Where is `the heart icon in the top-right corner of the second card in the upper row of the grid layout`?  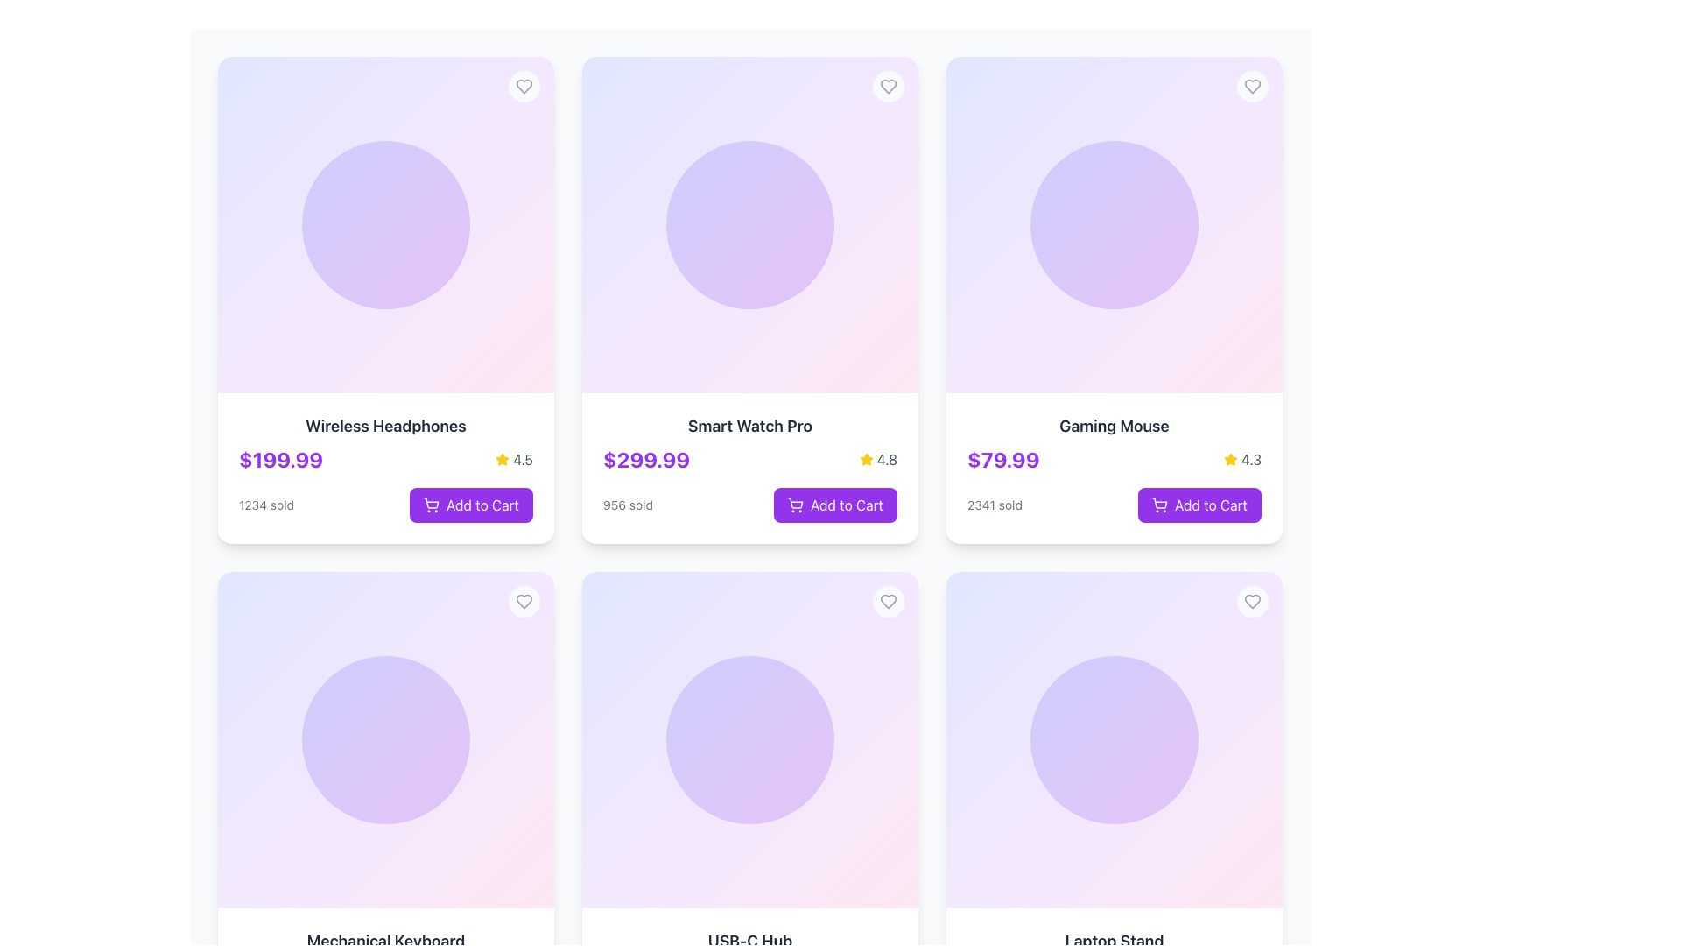
the heart icon in the top-right corner of the second card in the upper row of the grid layout is located at coordinates (524, 600).